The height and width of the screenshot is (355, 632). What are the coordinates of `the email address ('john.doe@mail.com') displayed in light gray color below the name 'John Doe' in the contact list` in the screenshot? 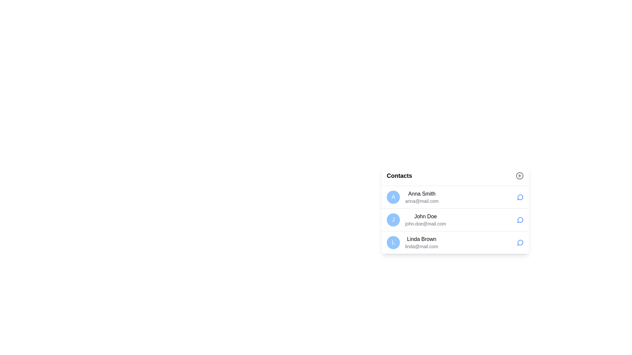 It's located at (425, 224).